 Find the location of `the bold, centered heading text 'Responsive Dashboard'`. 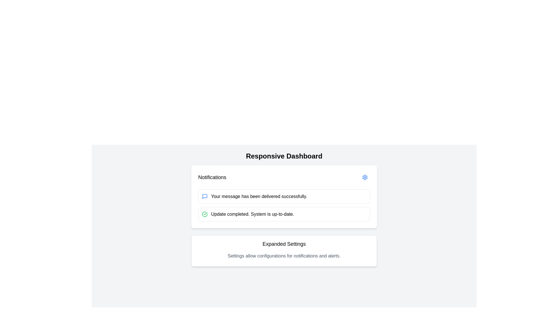

the bold, centered heading text 'Responsive Dashboard' is located at coordinates (284, 156).